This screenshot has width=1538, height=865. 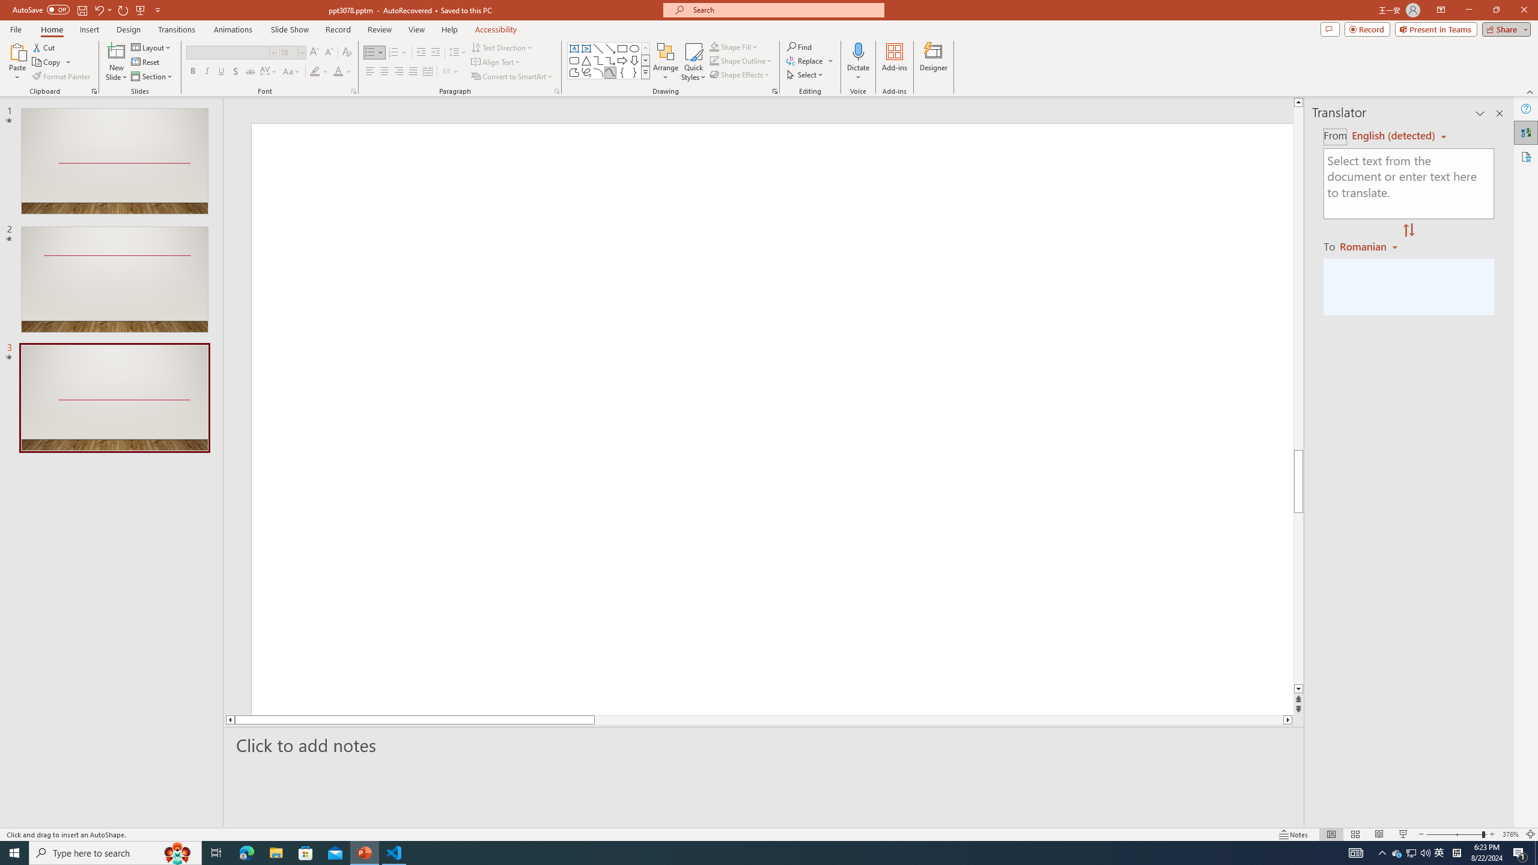 I want to click on 'Font Size', so click(x=291, y=52).